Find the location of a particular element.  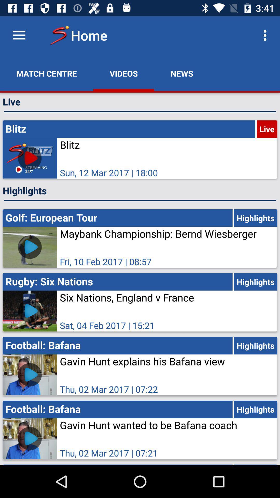

app next to match centre app is located at coordinates (124, 73).